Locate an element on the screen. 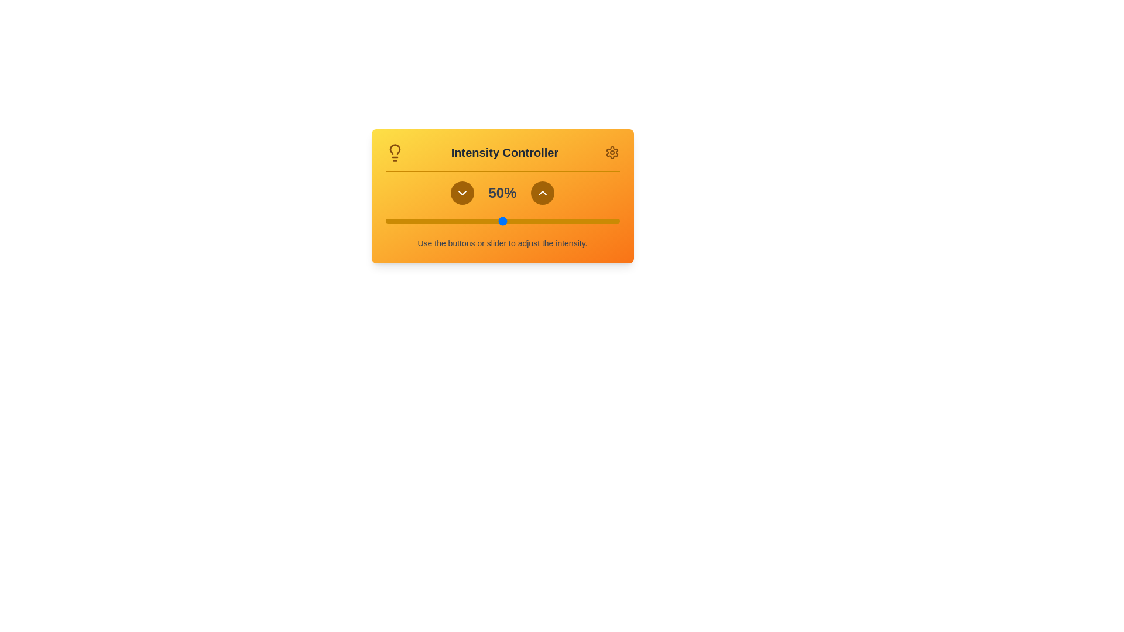  intensity is located at coordinates (446, 221).